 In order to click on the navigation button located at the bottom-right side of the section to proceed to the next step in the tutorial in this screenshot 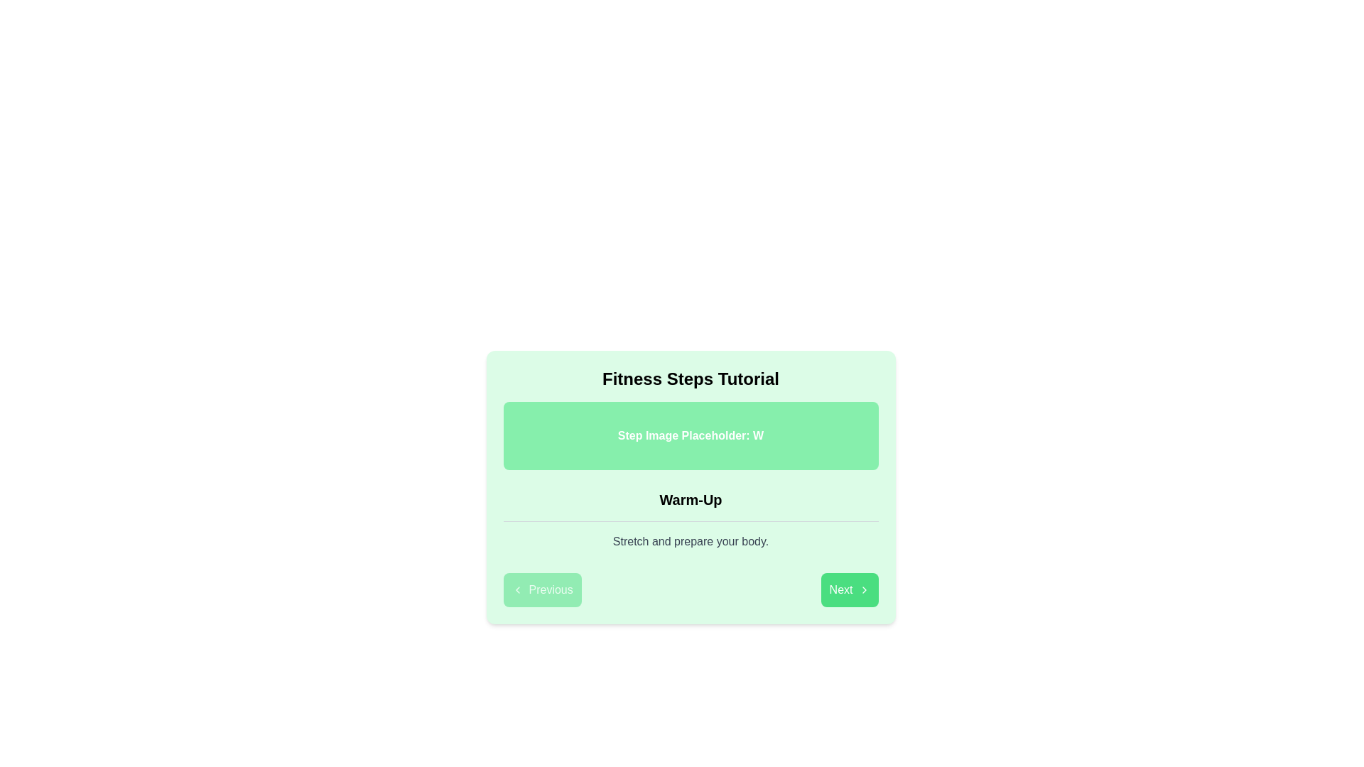, I will do `click(849, 589)`.